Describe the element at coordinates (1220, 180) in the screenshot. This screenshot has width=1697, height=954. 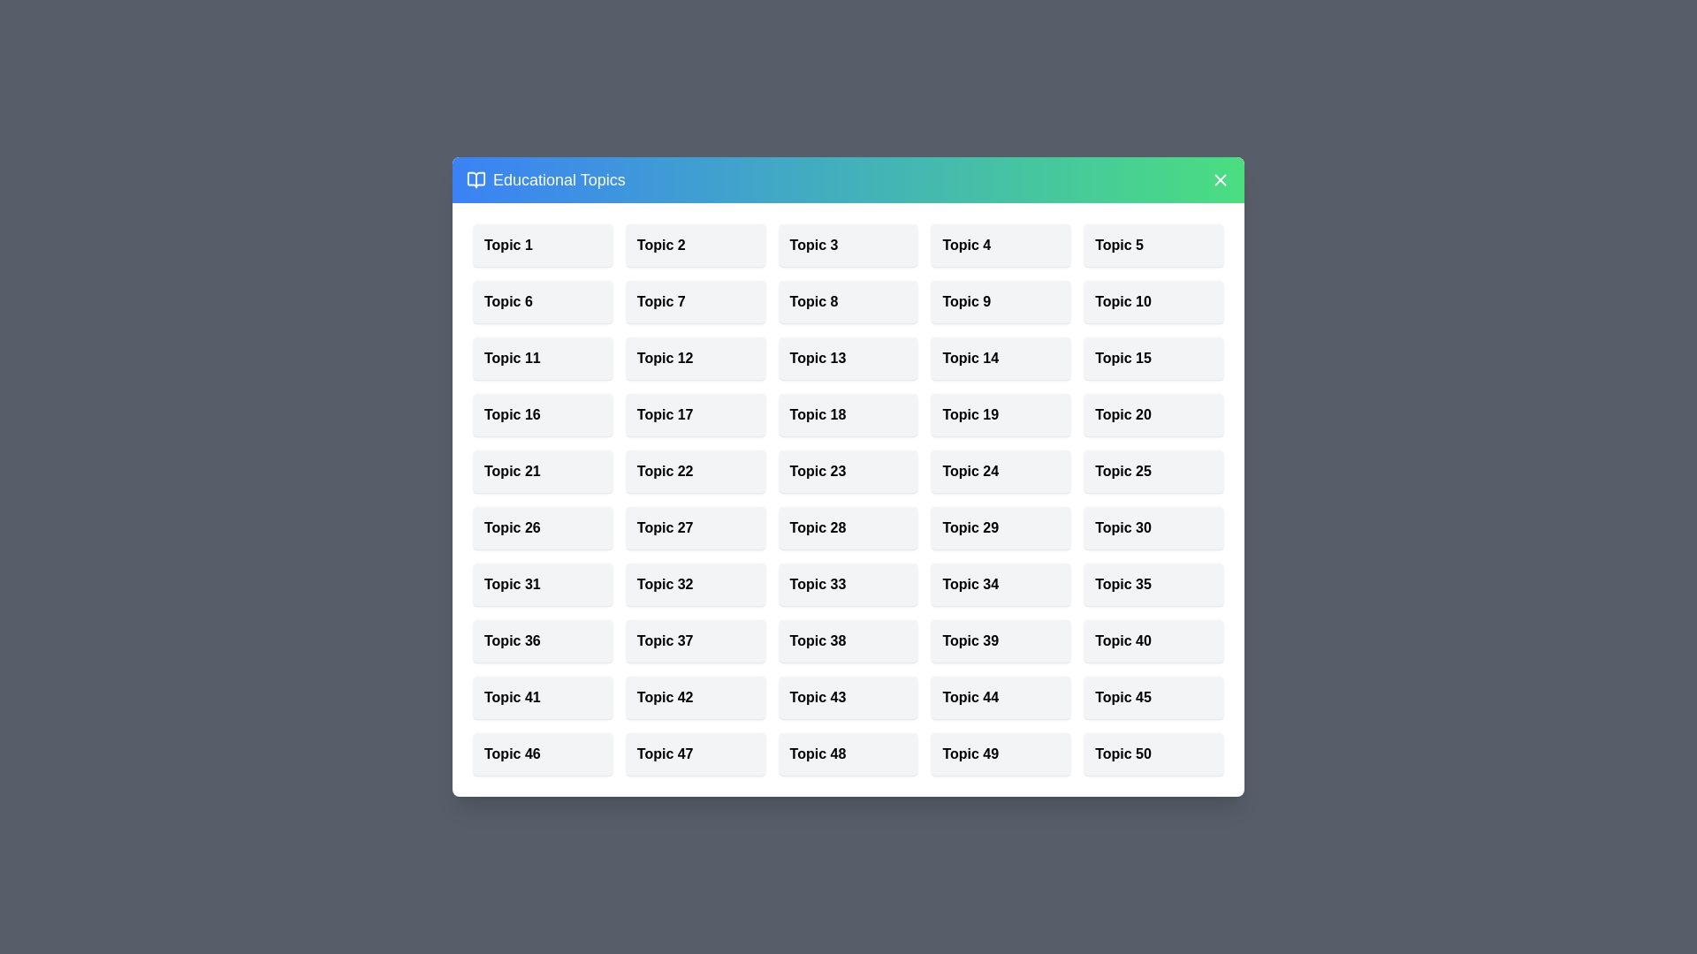
I see `the close button to close the dialog box` at that location.